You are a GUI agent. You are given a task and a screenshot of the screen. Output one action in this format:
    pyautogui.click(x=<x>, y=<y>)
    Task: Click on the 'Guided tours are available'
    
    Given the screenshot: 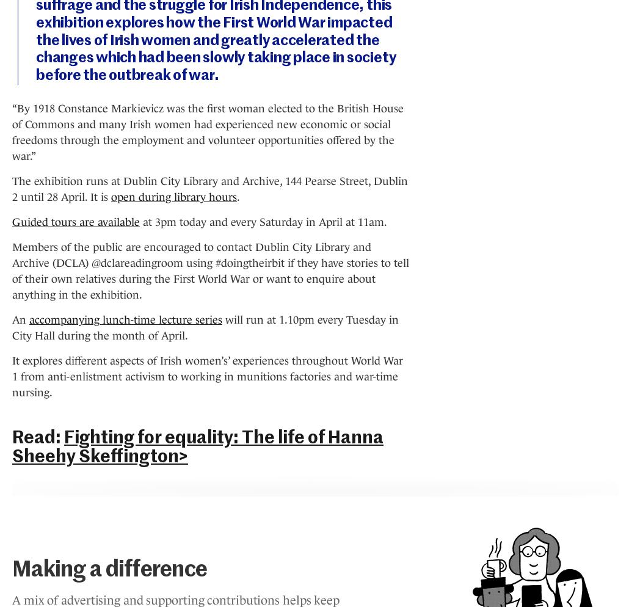 What is the action you would take?
    pyautogui.click(x=75, y=222)
    